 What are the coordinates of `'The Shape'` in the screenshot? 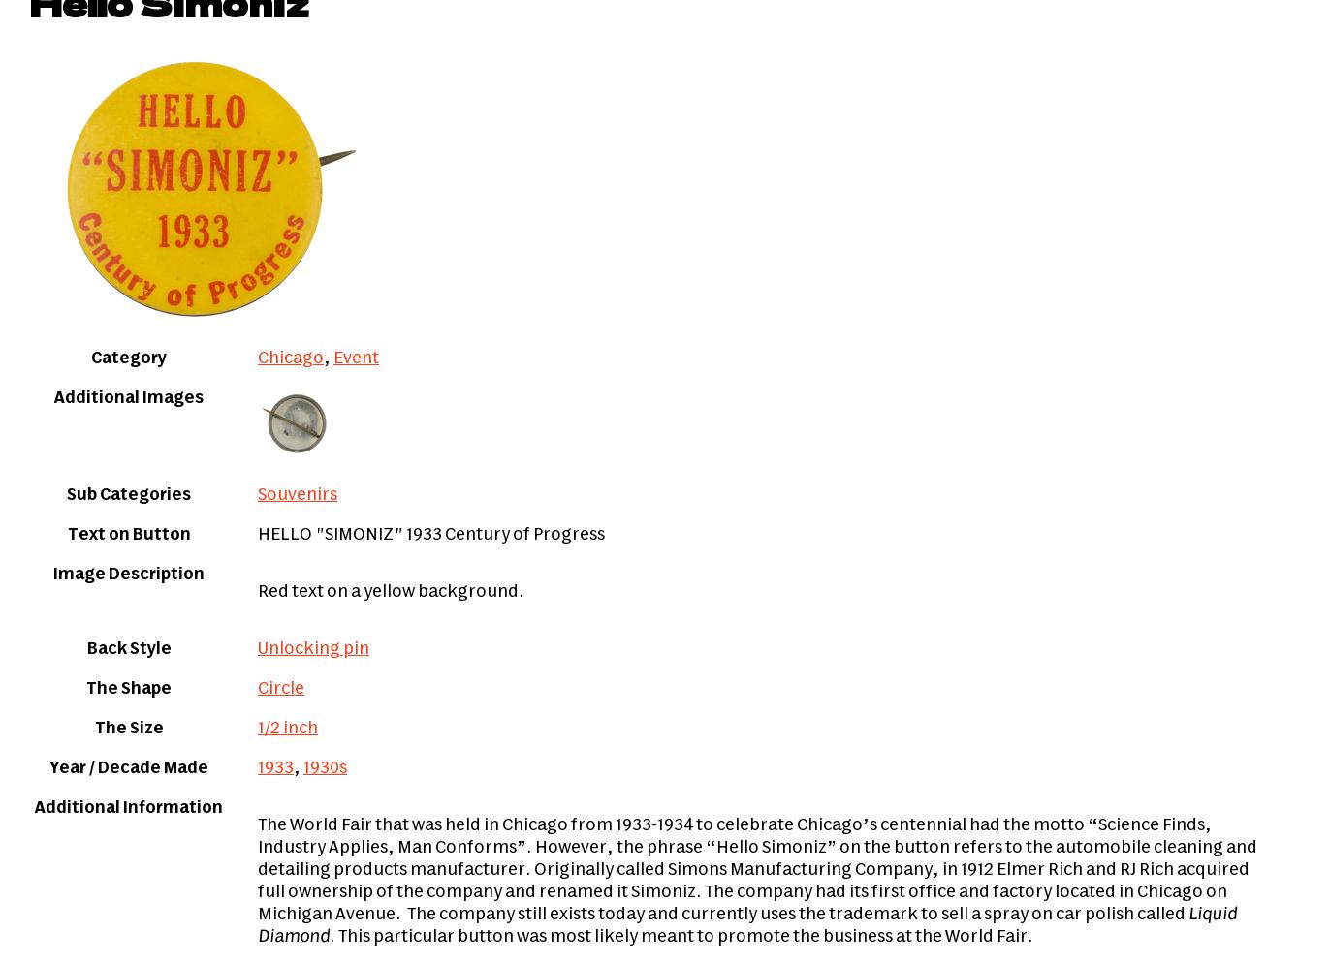 It's located at (128, 689).